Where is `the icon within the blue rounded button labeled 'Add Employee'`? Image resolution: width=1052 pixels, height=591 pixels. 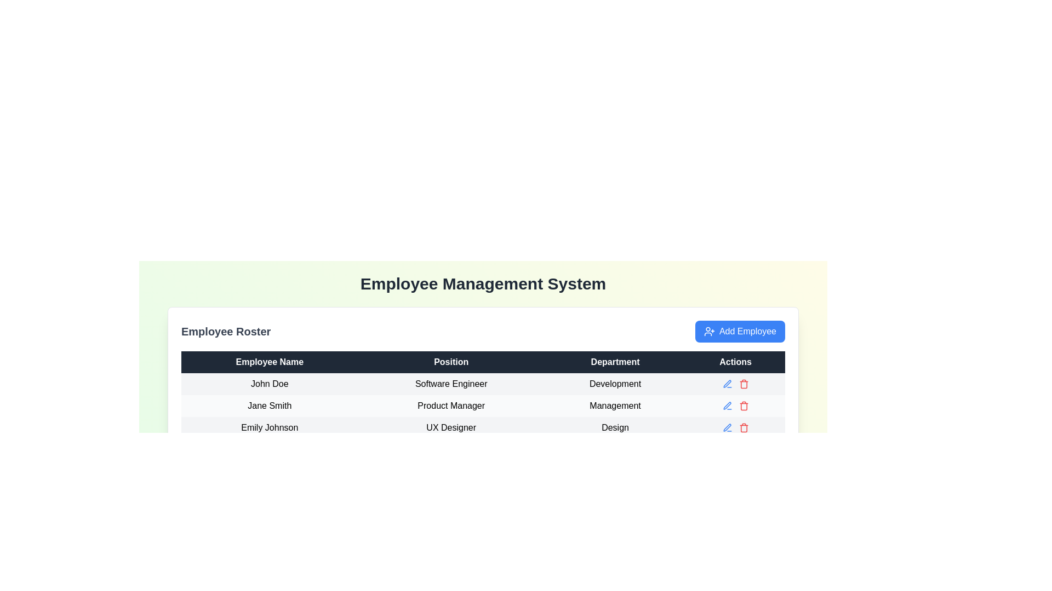 the icon within the blue rounded button labeled 'Add Employee' is located at coordinates (709, 331).